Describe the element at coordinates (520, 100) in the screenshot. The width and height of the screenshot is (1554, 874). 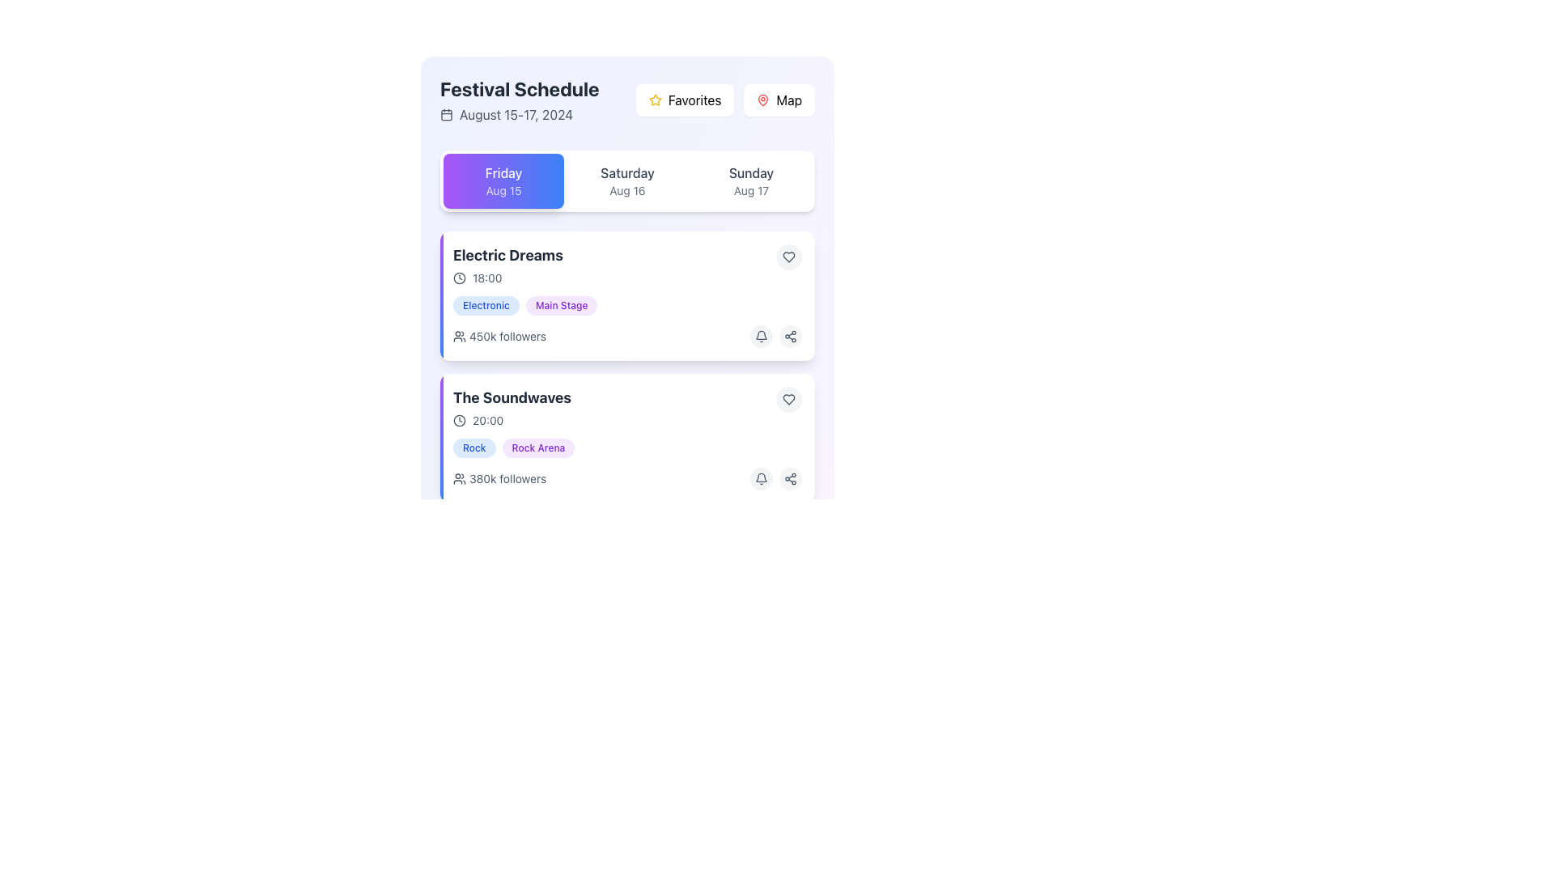
I see `the festival title and date indicator header located at the top-left section of the interface, directly below the page header` at that location.